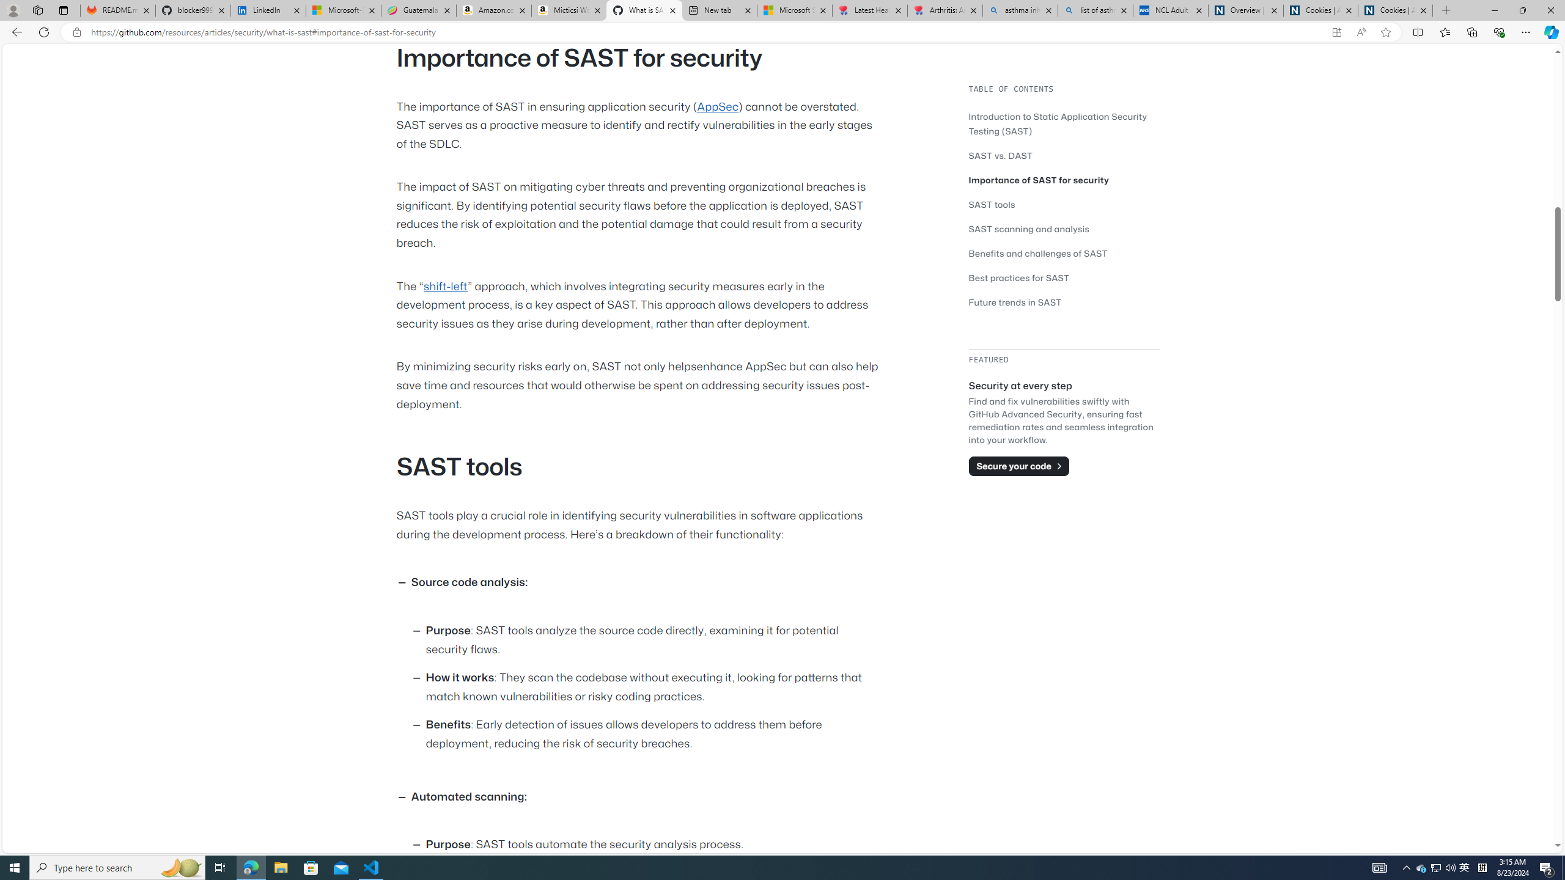  I want to click on 'SAST scanning and analysis', so click(1029, 229).